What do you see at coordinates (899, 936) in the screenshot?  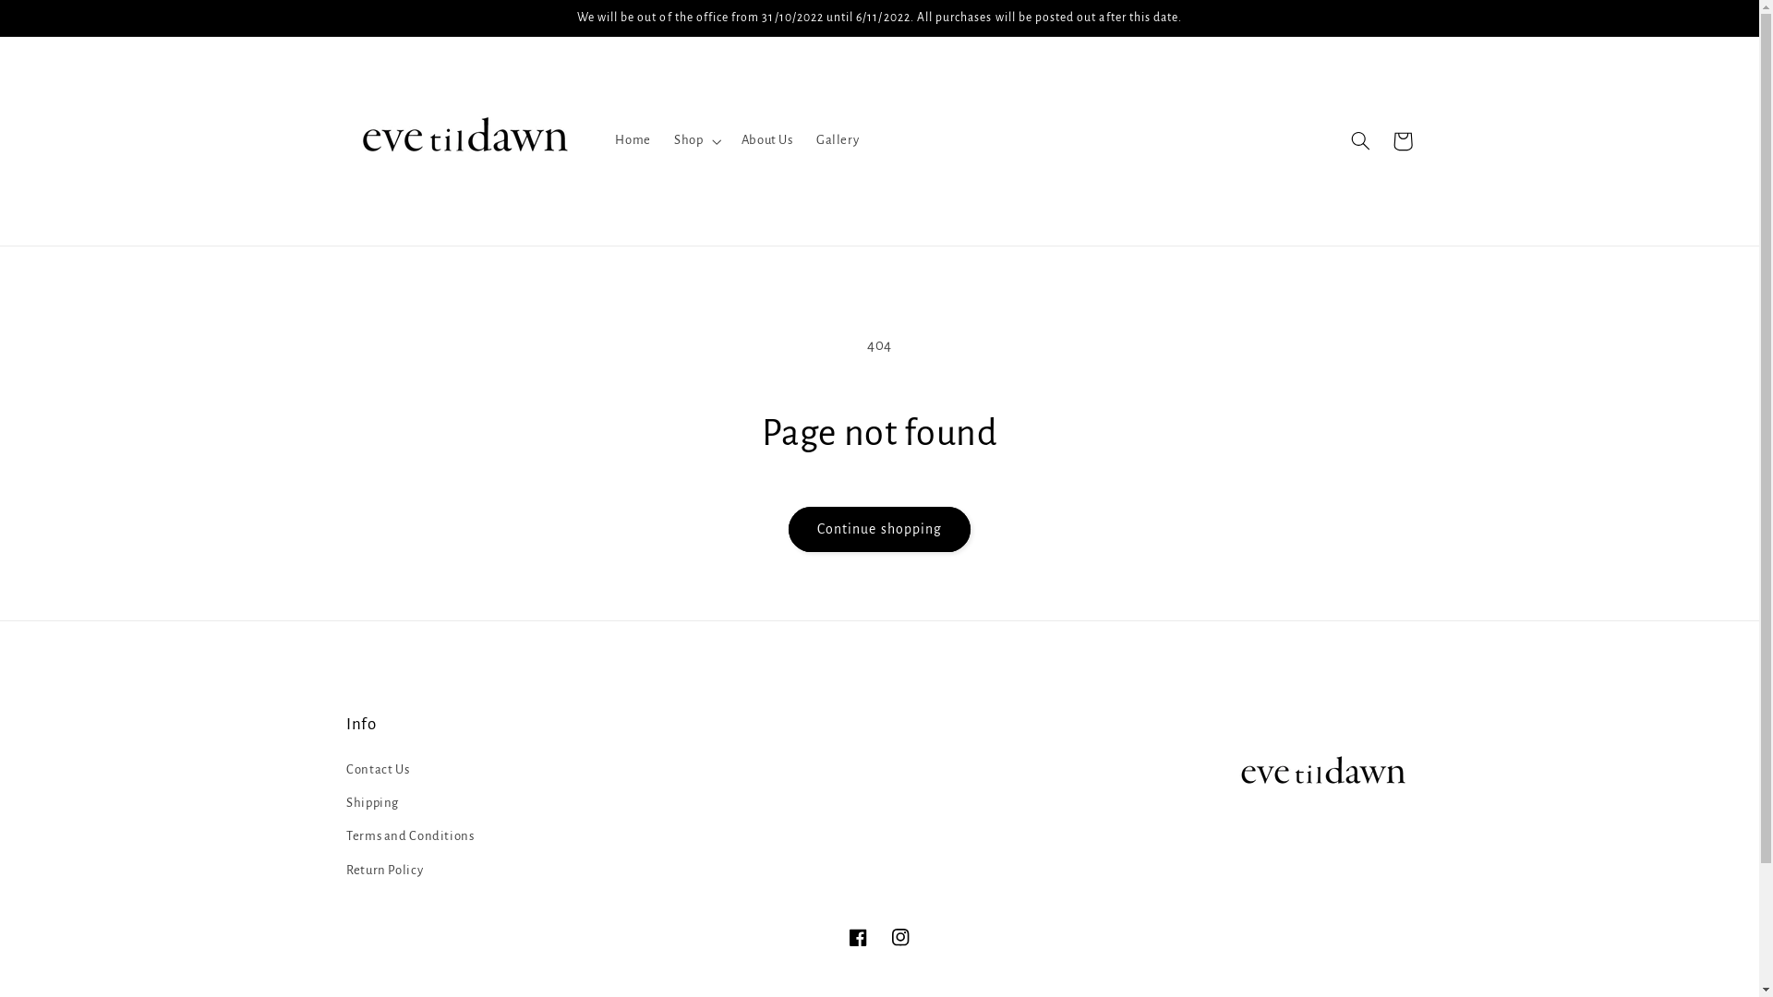 I see `'Instagram'` at bounding box center [899, 936].